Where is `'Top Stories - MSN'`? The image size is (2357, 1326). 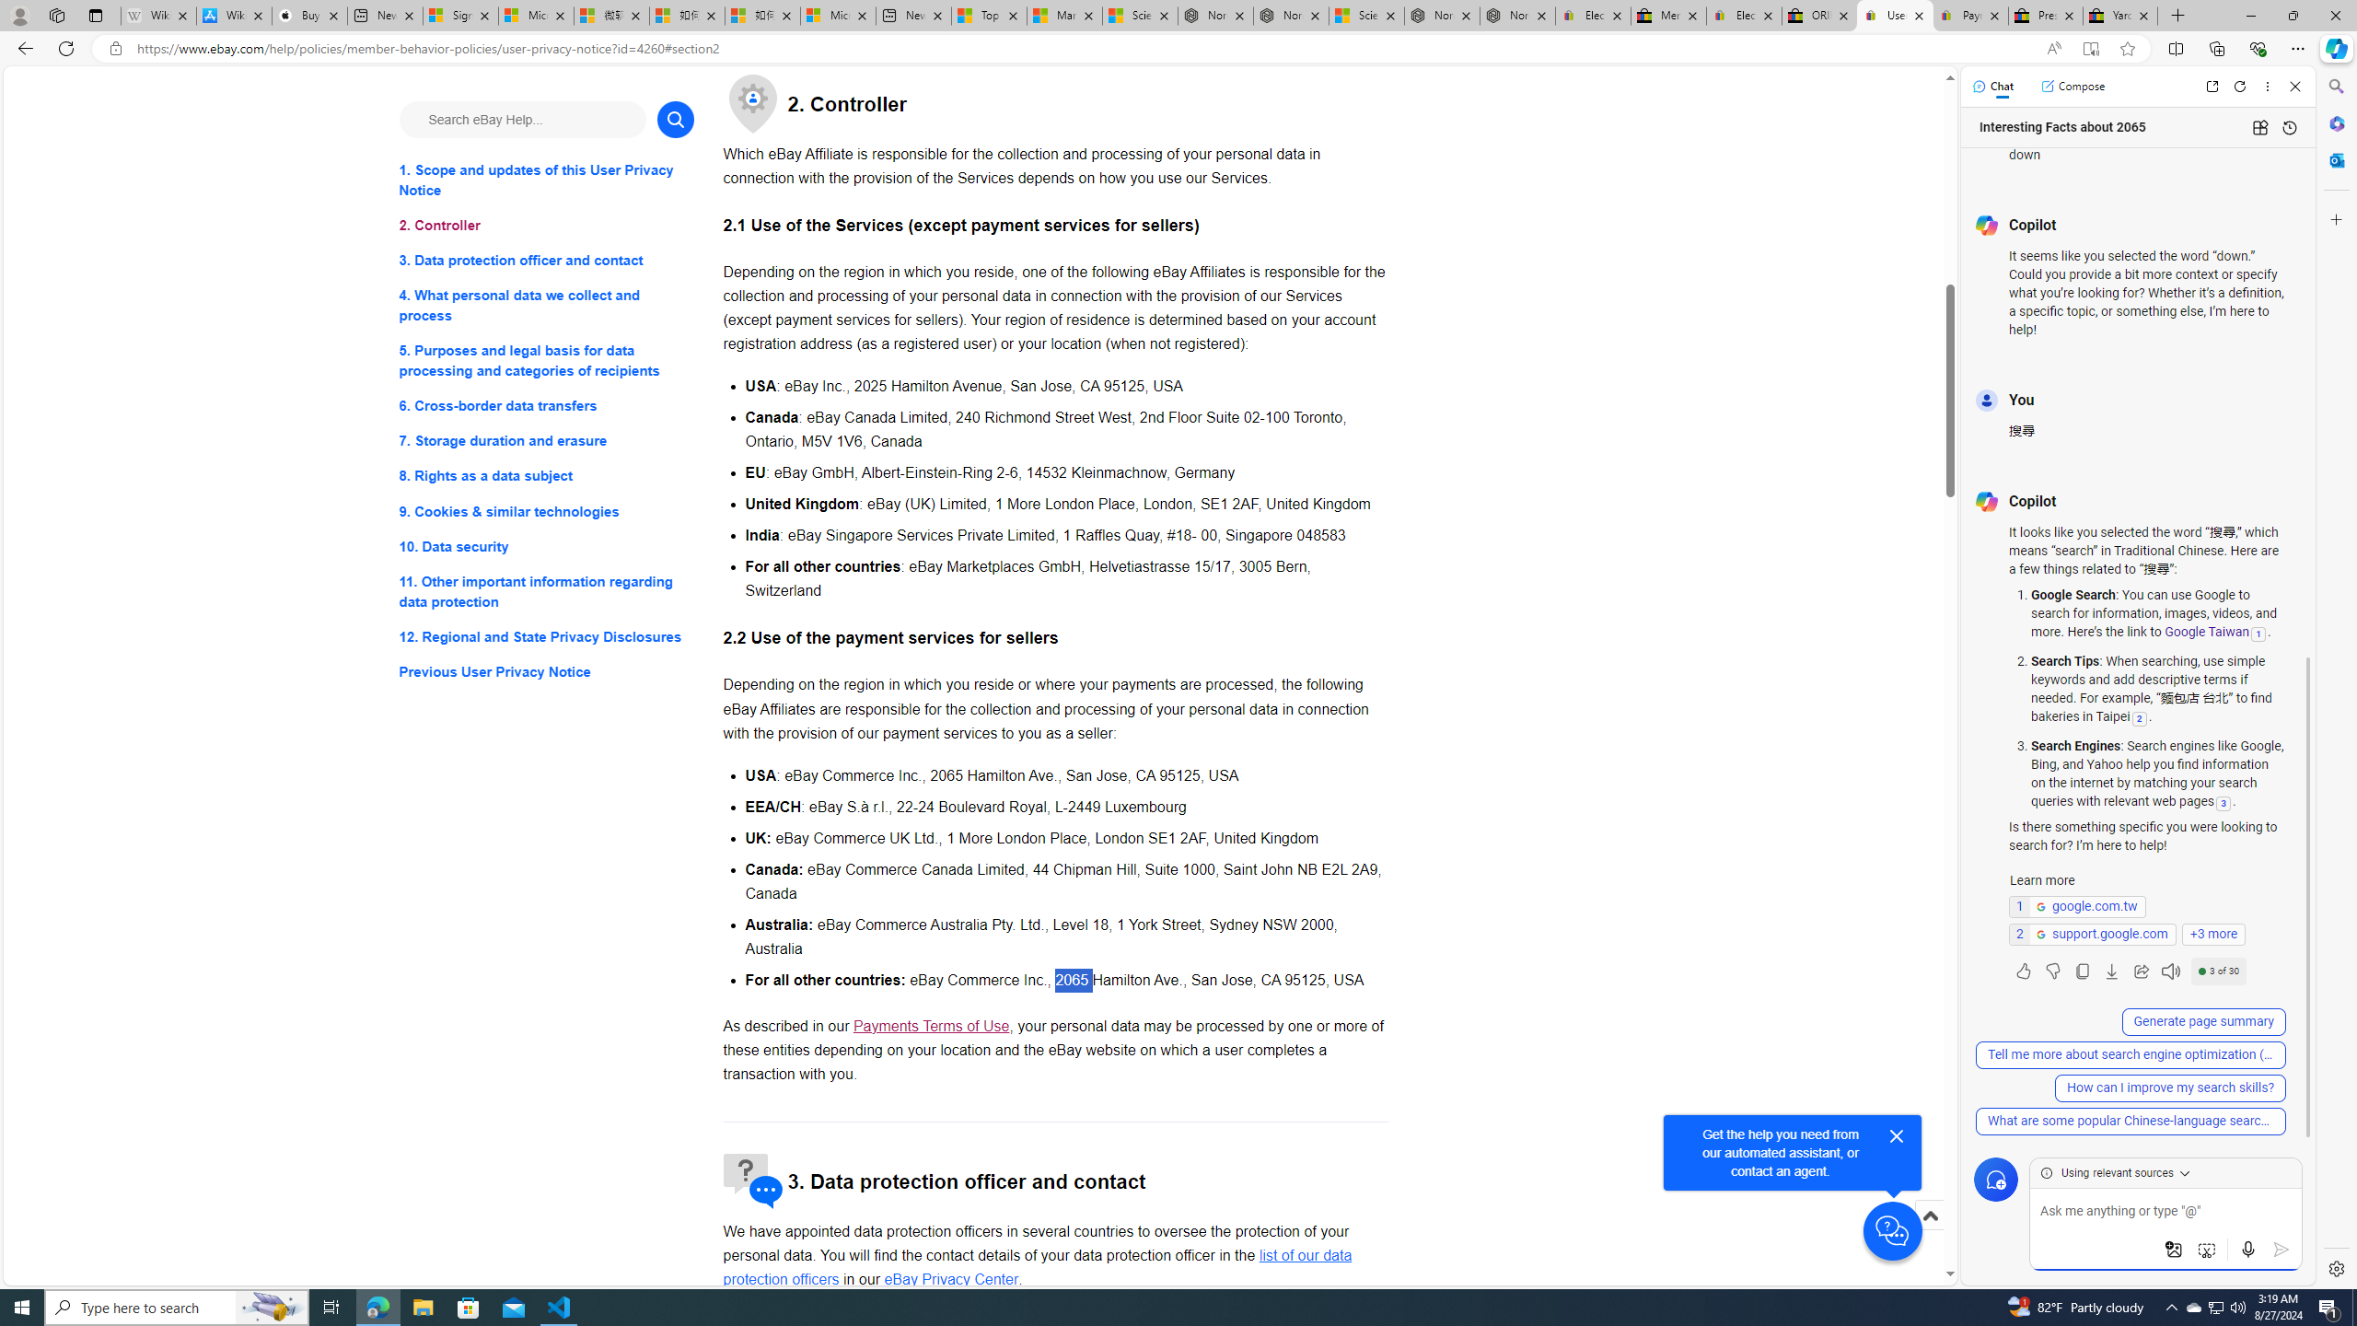
'Top Stories - MSN' is located at coordinates (987, 15).